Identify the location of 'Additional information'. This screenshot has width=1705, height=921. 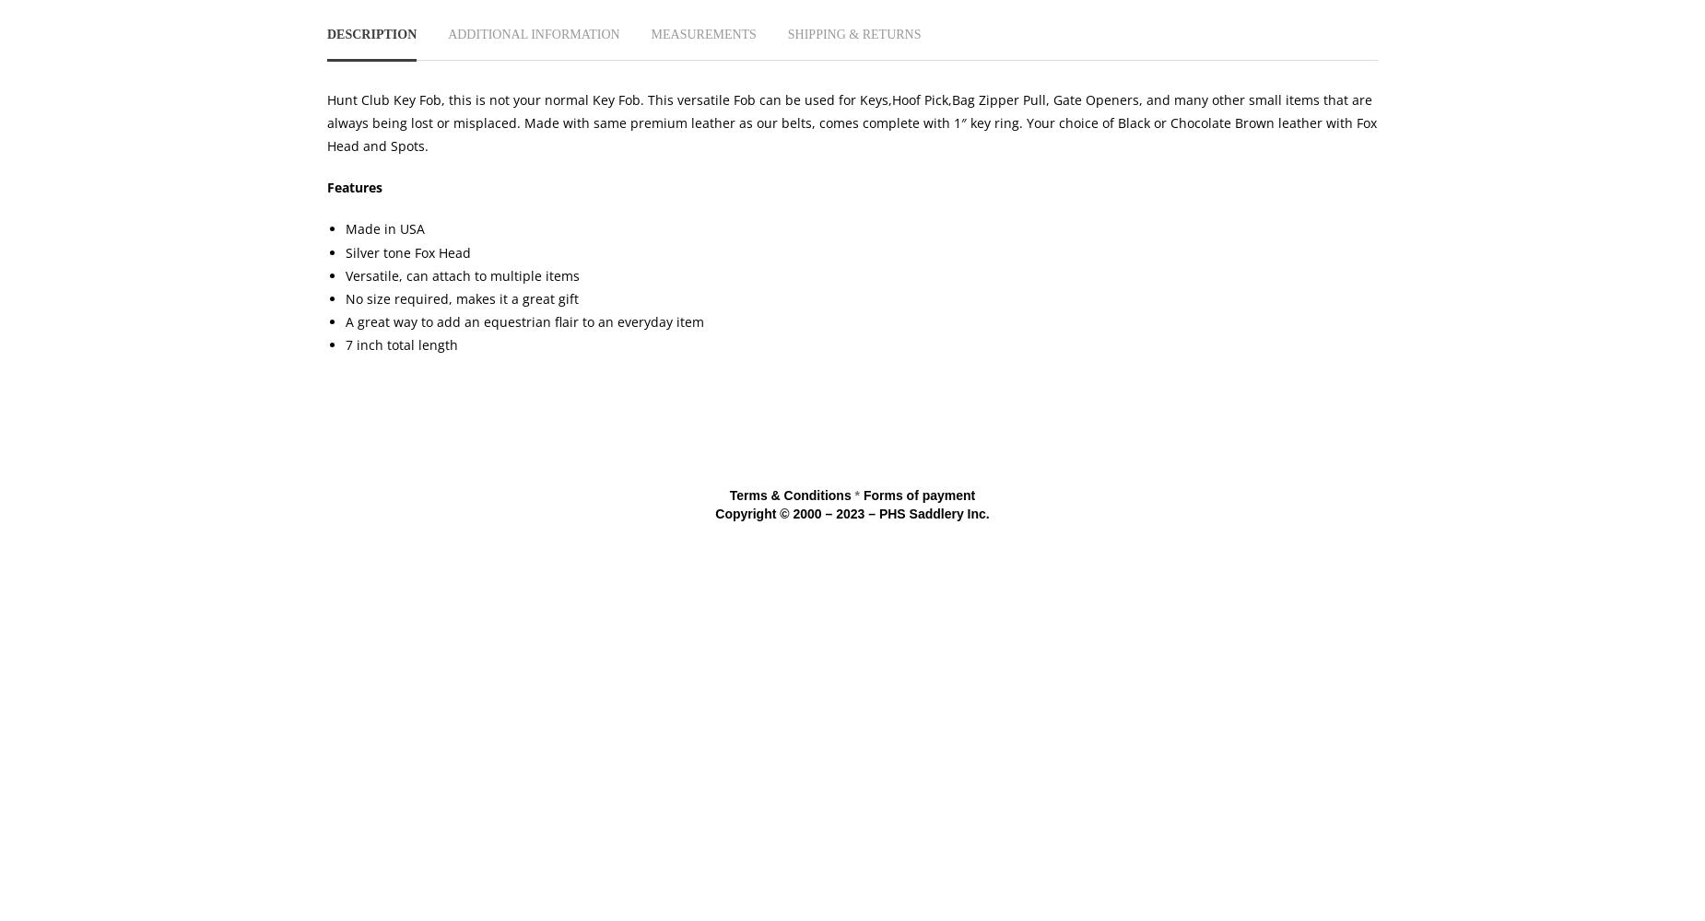
(534, 33).